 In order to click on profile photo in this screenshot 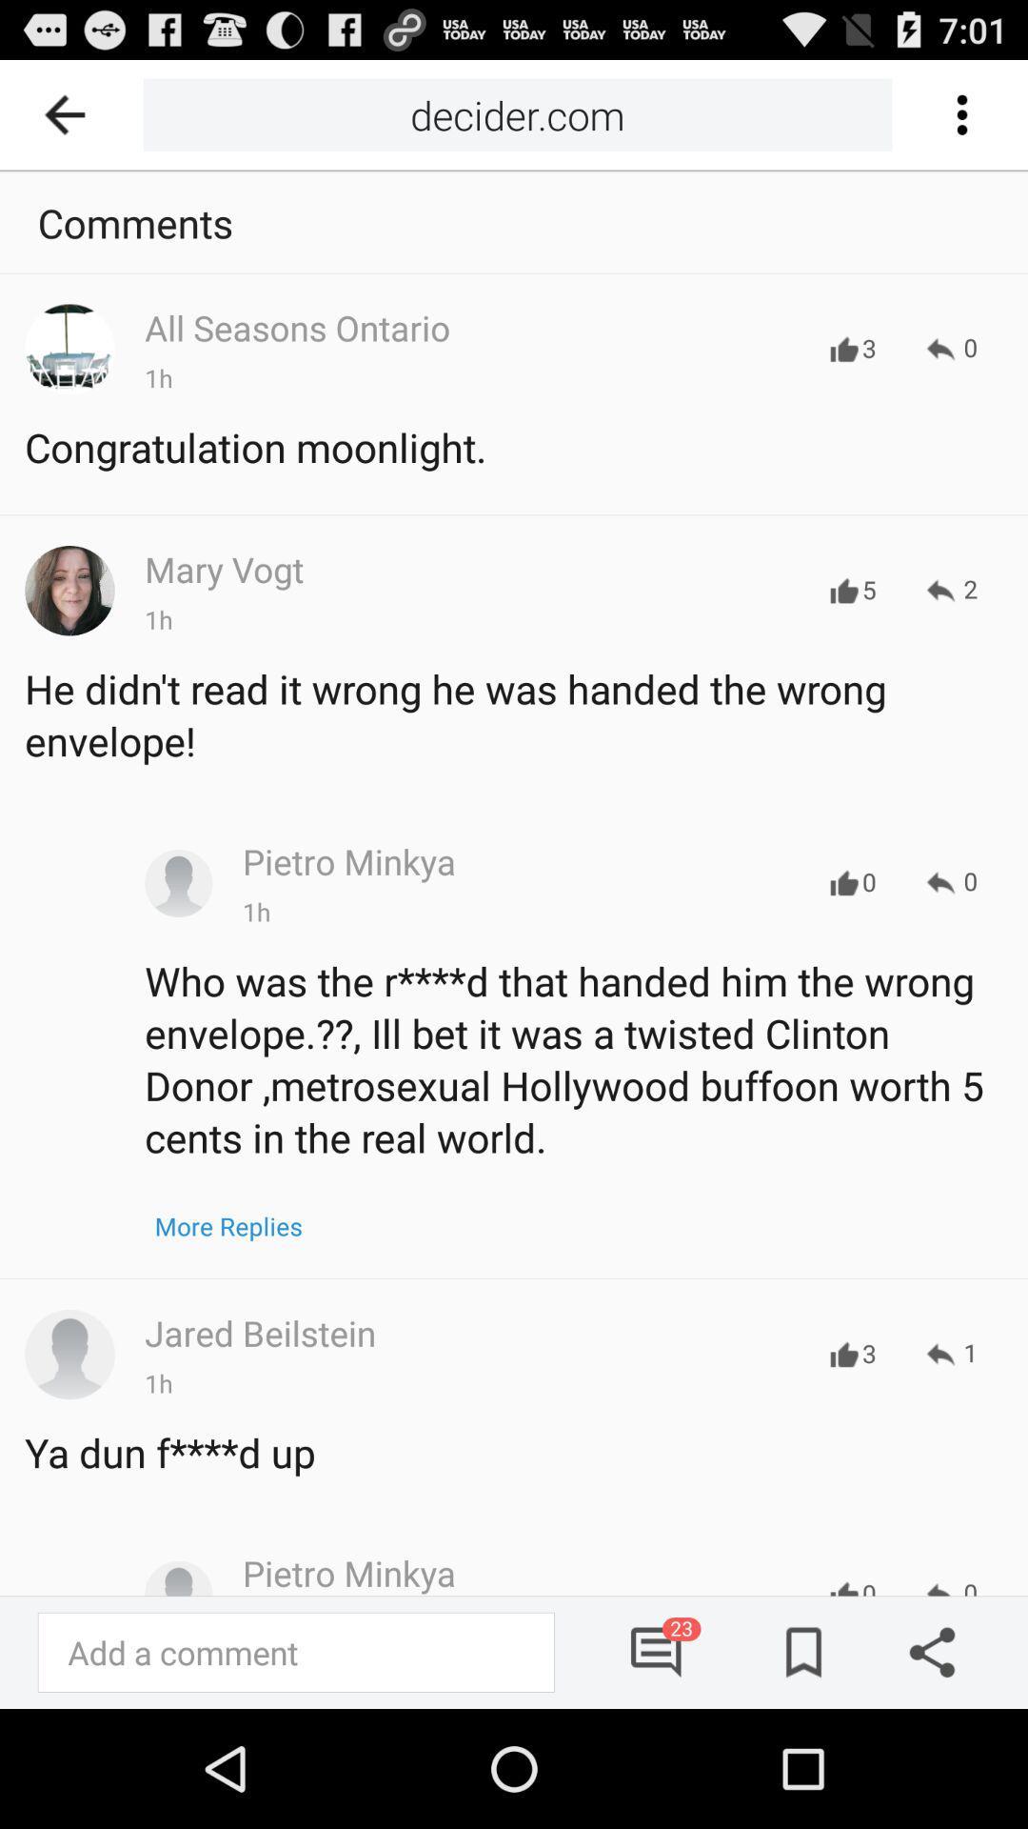, I will do `click(69, 1353)`.